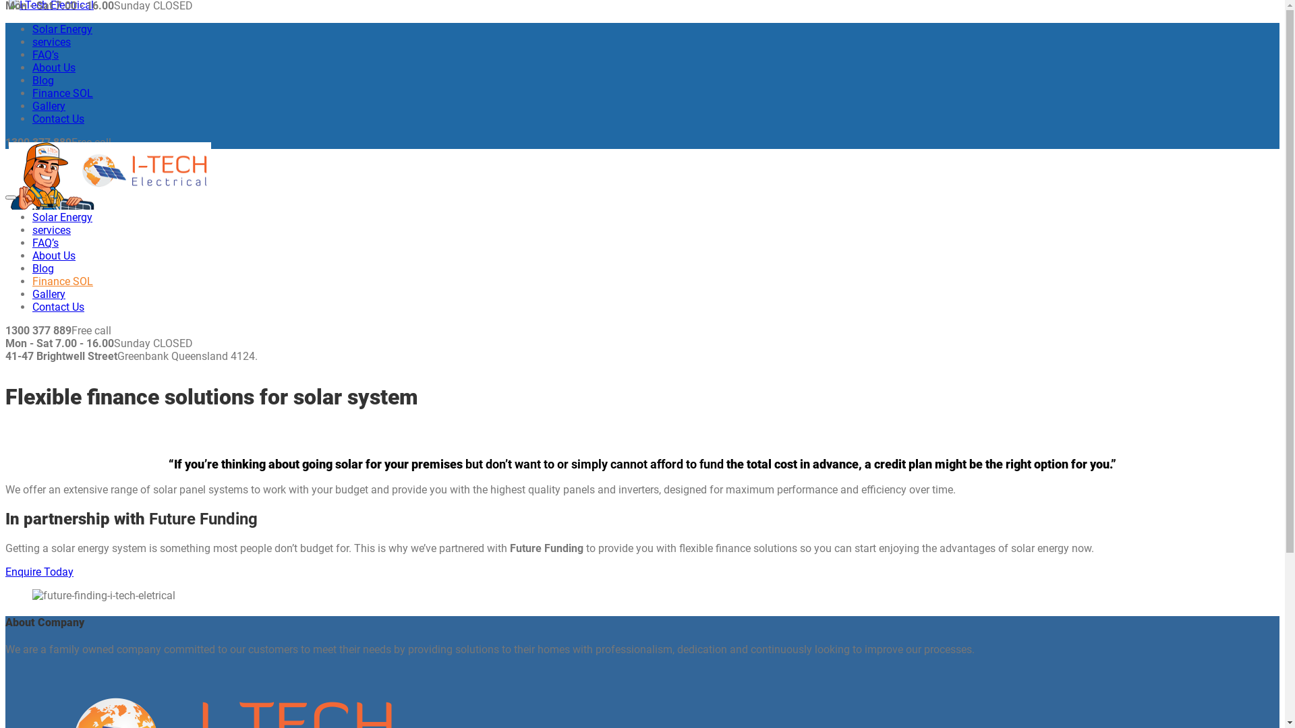  Describe the element at coordinates (51, 229) in the screenshot. I see `'services'` at that location.